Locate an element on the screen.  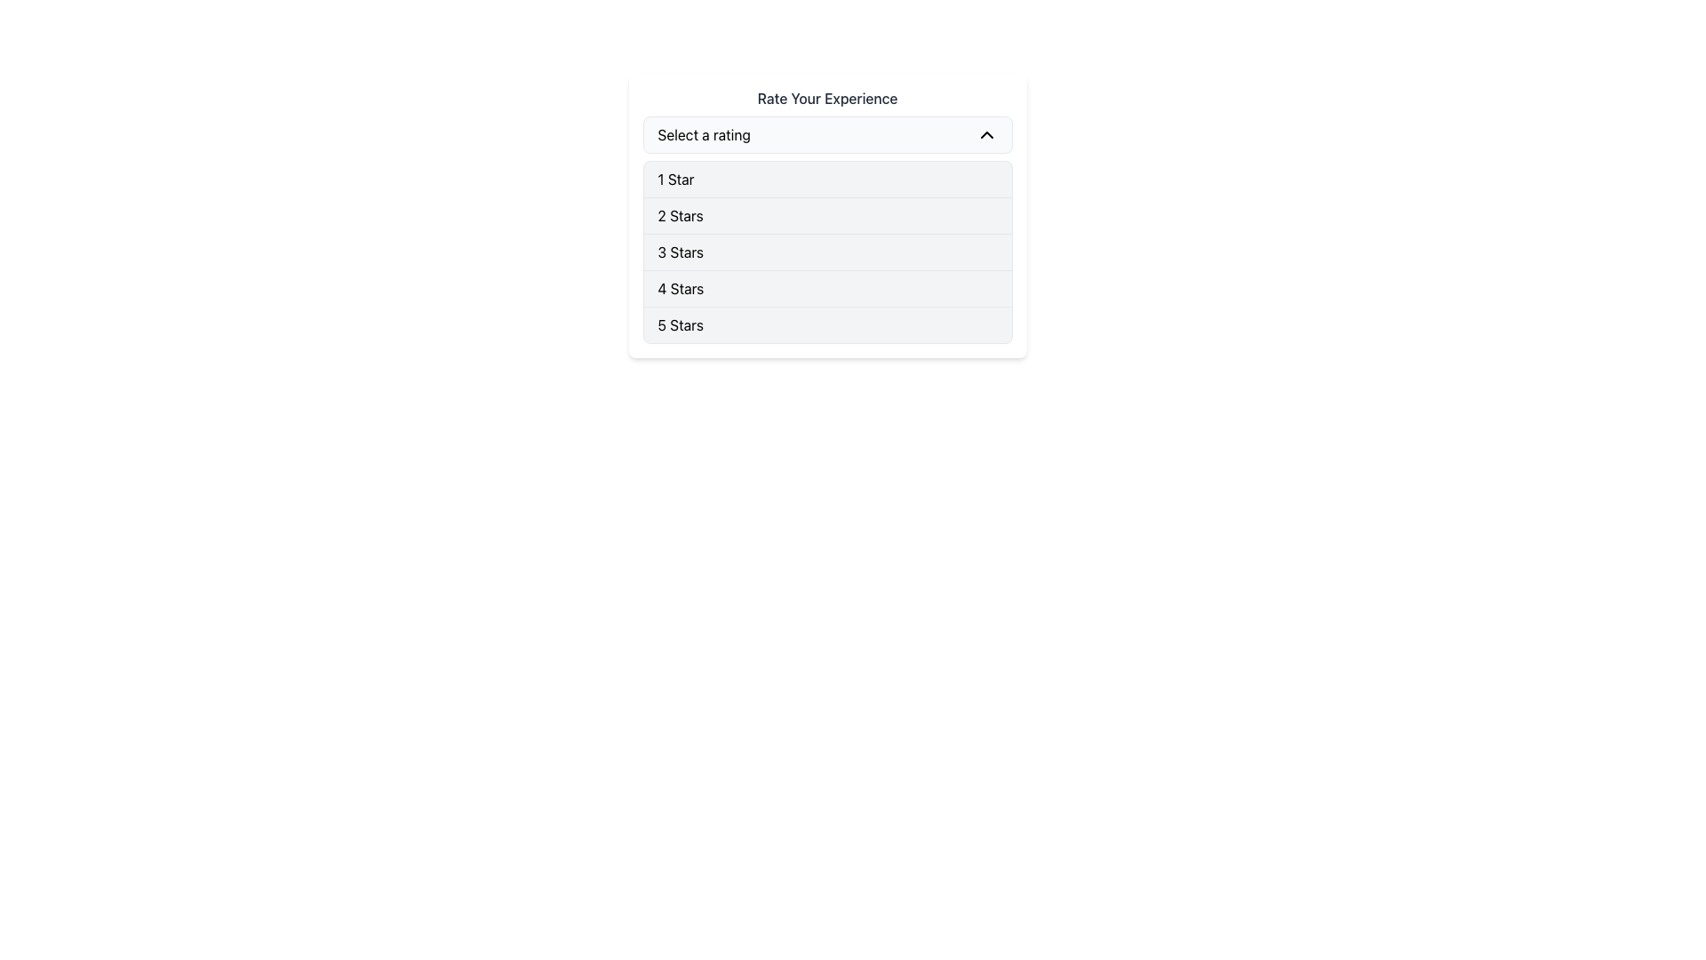
the interactive text 'Select a rating' within the dropdown menu titled 'Rate Your Experience' to focus the dropdown menu is located at coordinates (703, 133).